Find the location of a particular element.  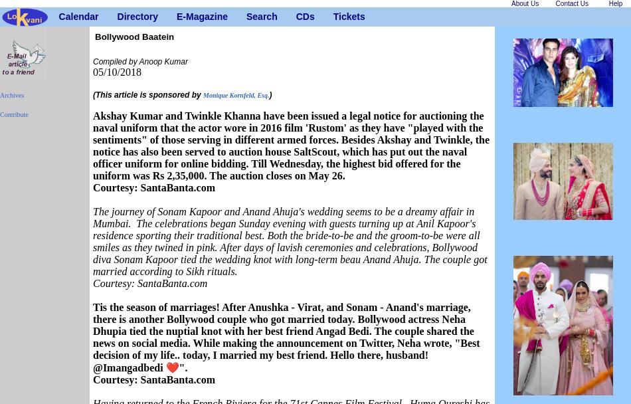

'Contribute' is located at coordinates (0, 114).